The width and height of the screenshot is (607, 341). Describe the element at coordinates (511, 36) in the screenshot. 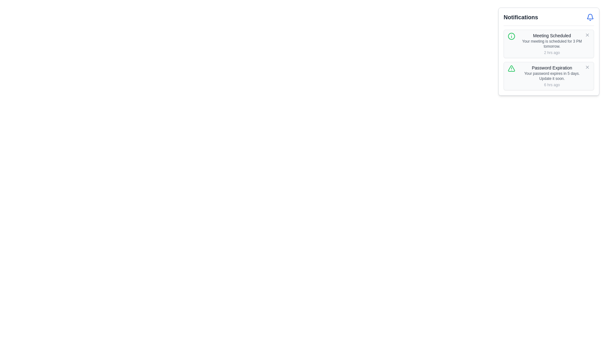

I see `the first icon on the left within the 'Meeting Scheduled' notification card` at that location.